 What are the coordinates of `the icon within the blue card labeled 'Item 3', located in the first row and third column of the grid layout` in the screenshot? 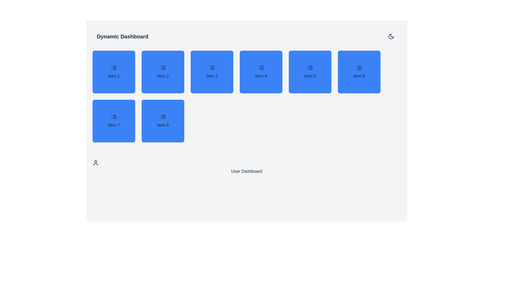 It's located at (212, 67).